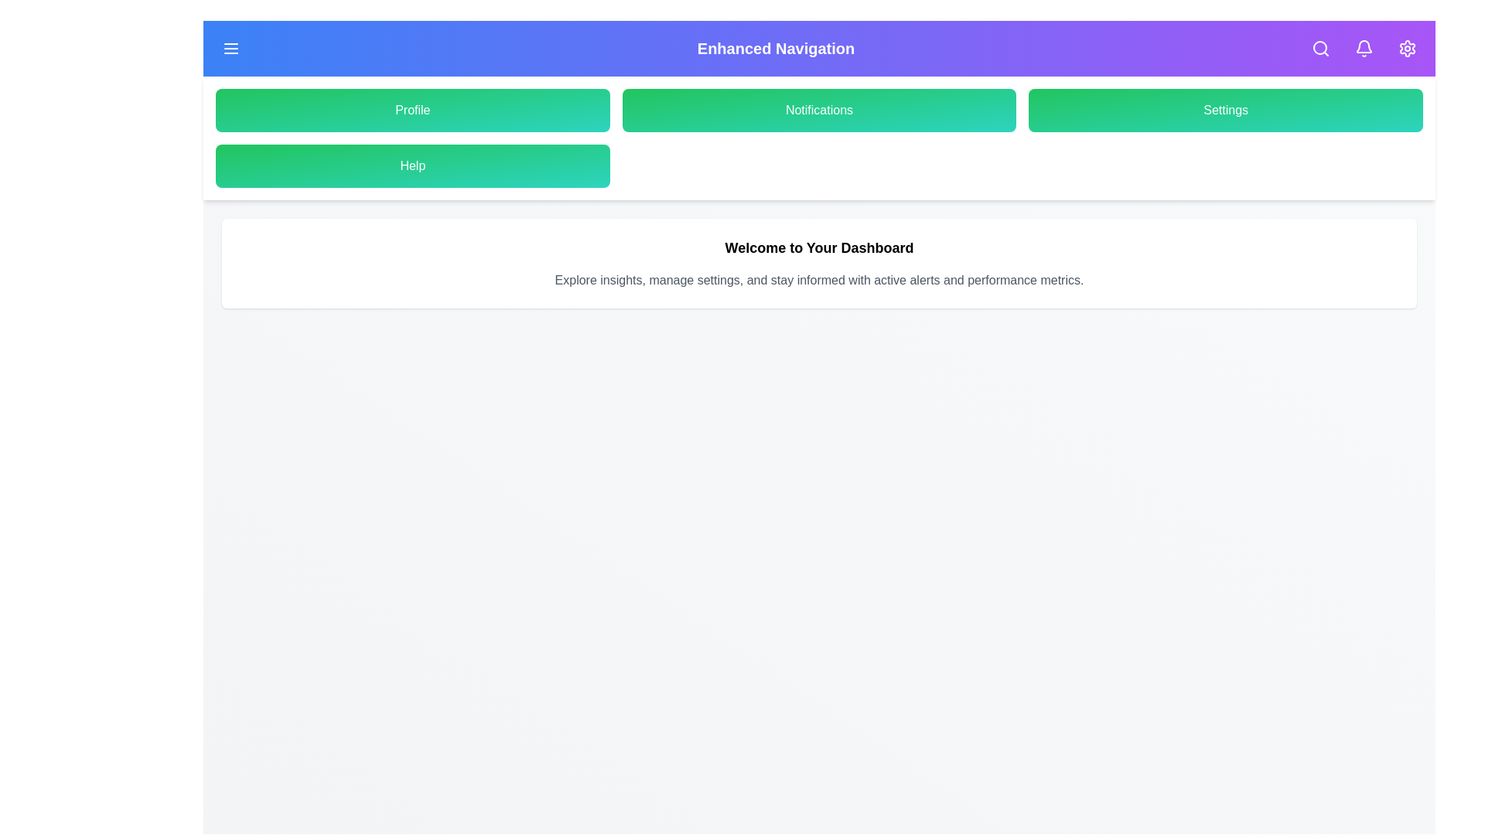 The width and height of the screenshot is (1485, 835). I want to click on the 'Notifications' button in the menu, so click(818, 109).